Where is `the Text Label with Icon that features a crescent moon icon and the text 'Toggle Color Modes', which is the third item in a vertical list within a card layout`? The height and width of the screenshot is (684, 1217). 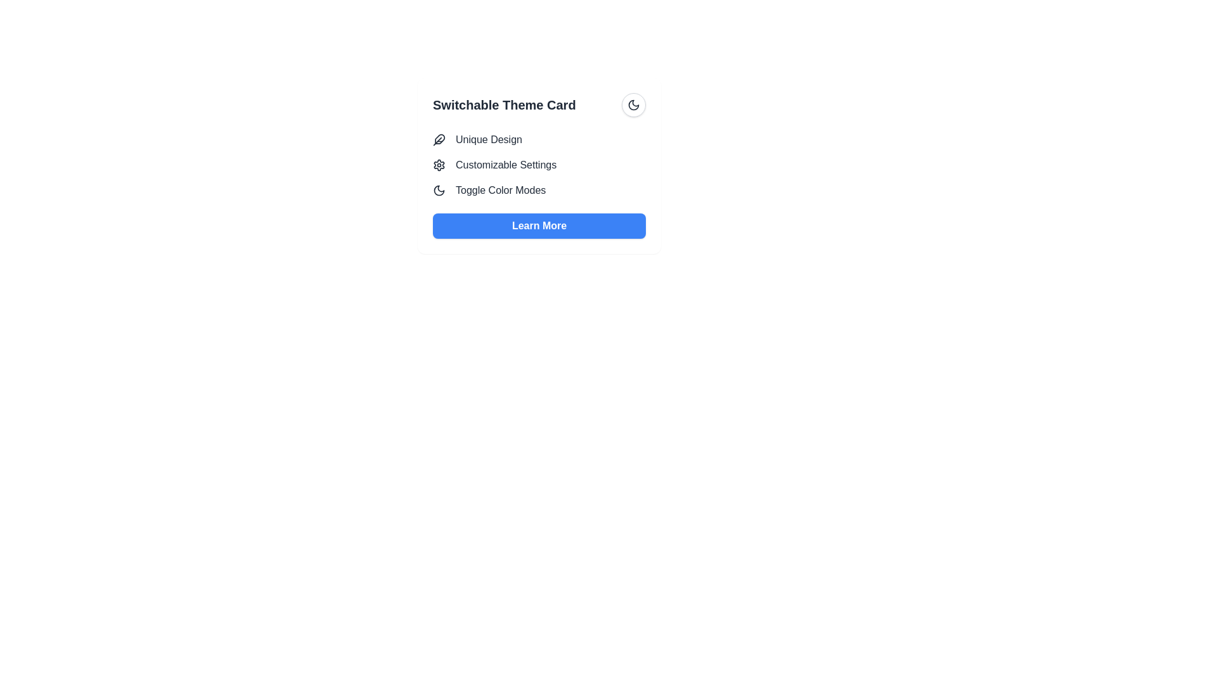 the Text Label with Icon that features a crescent moon icon and the text 'Toggle Color Modes', which is the third item in a vertical list within a card layout is located at coordinates (539, 190).